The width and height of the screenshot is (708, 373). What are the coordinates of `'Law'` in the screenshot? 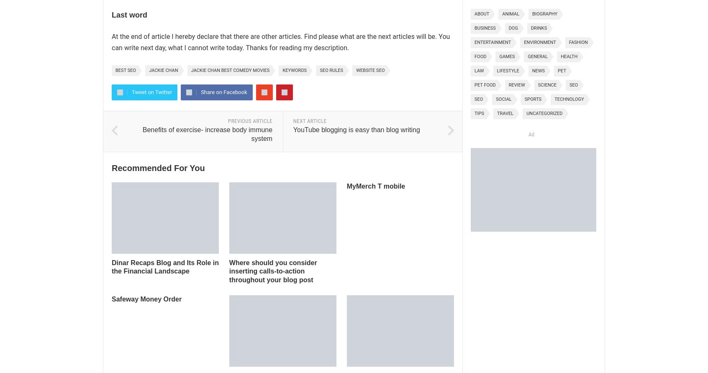 It's located at (478, 70).